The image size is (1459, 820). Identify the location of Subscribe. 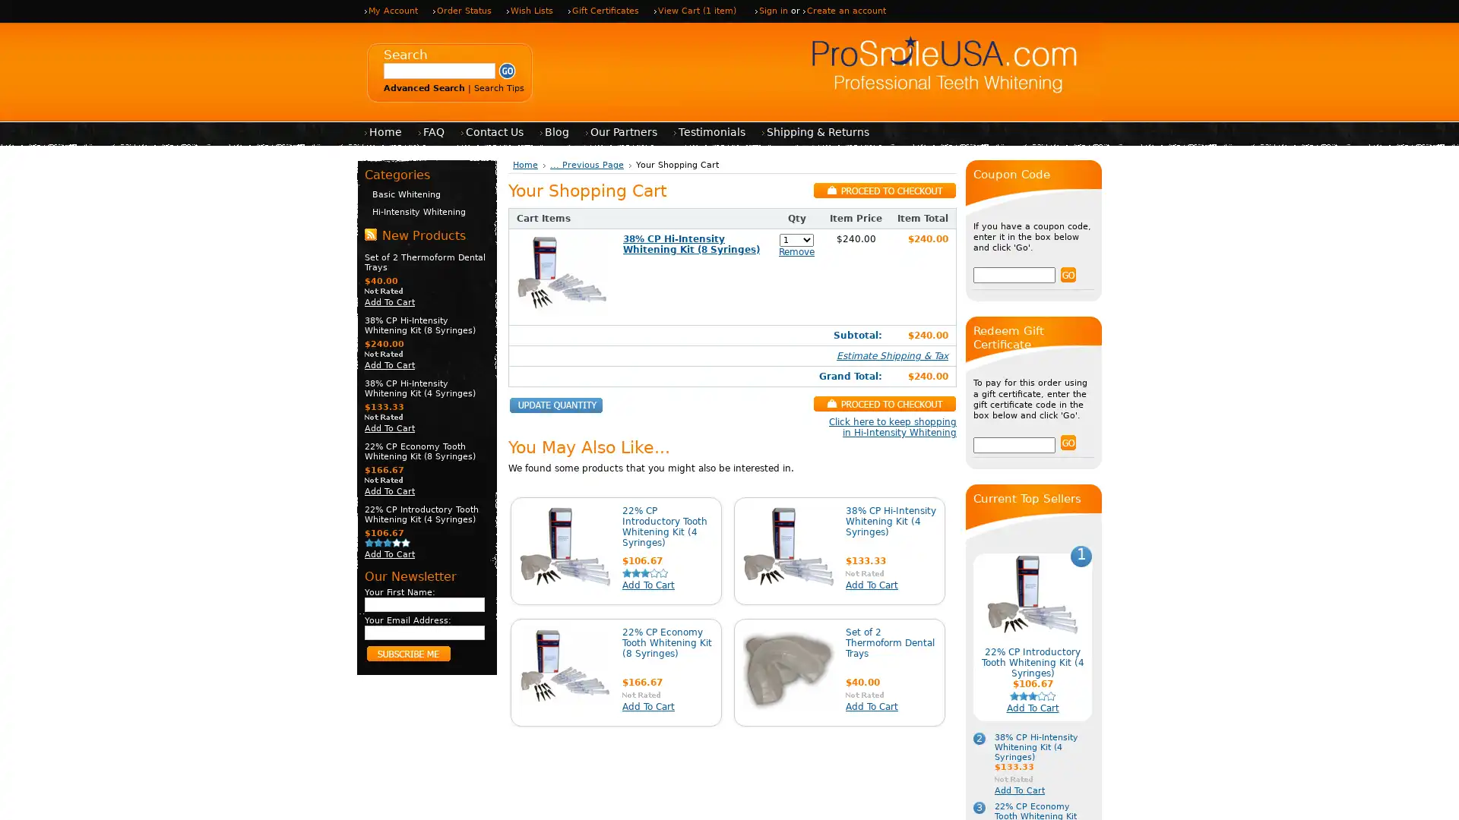
(408, 652).